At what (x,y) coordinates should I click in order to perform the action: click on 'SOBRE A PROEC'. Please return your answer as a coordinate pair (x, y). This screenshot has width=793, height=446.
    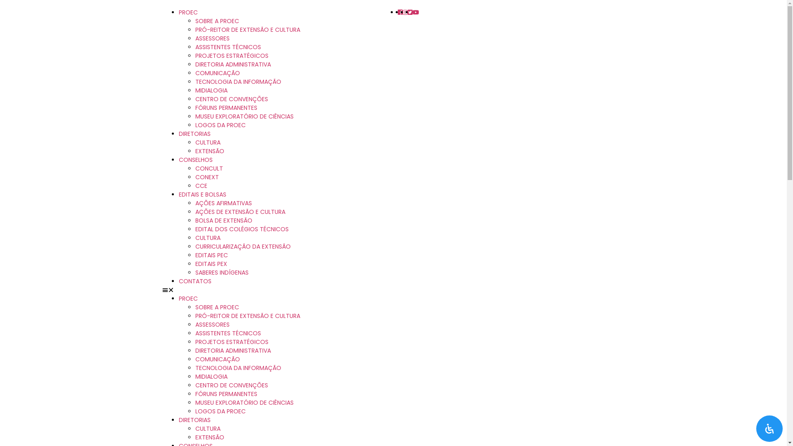
    Looking at the image, I should click on (216, 20).